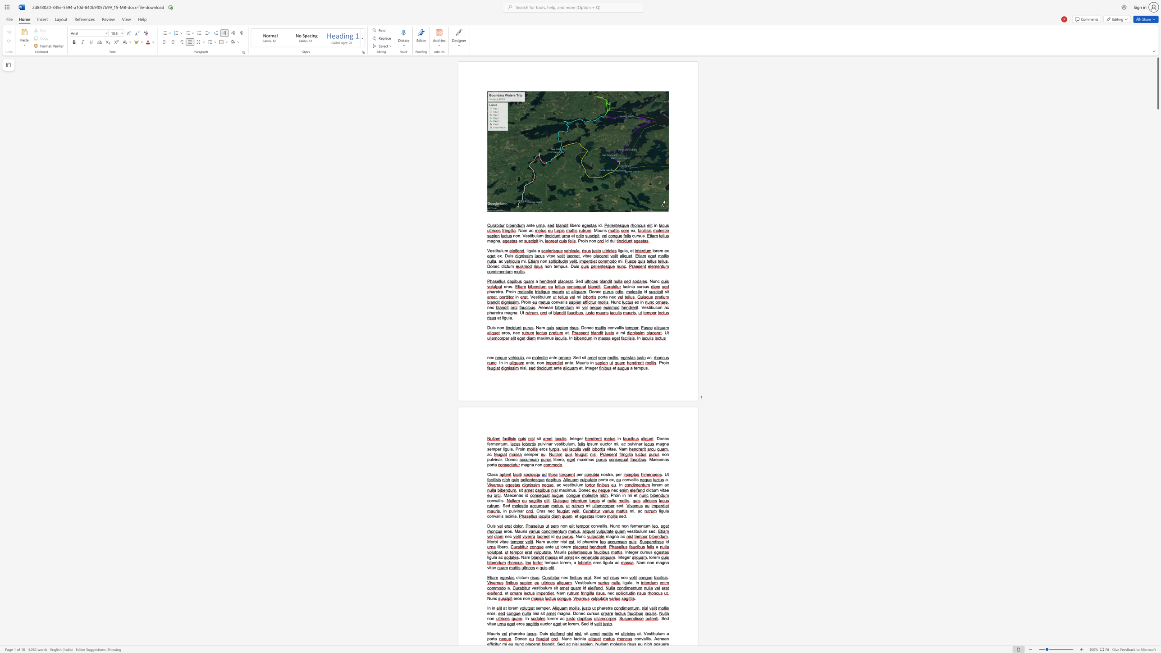  I want to click on the 1th character "i" in the text, so click(609, 449).